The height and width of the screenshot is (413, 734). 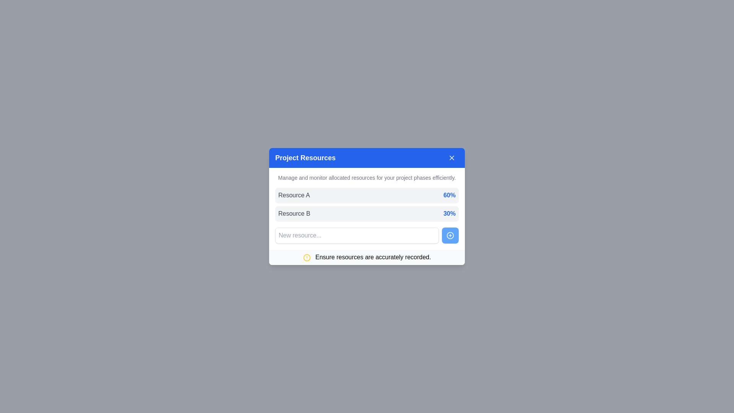 I want to click on the static text label reading 'Resource B' located in the second row of a list-like layout within a modal window, so click(x=294, y=214).